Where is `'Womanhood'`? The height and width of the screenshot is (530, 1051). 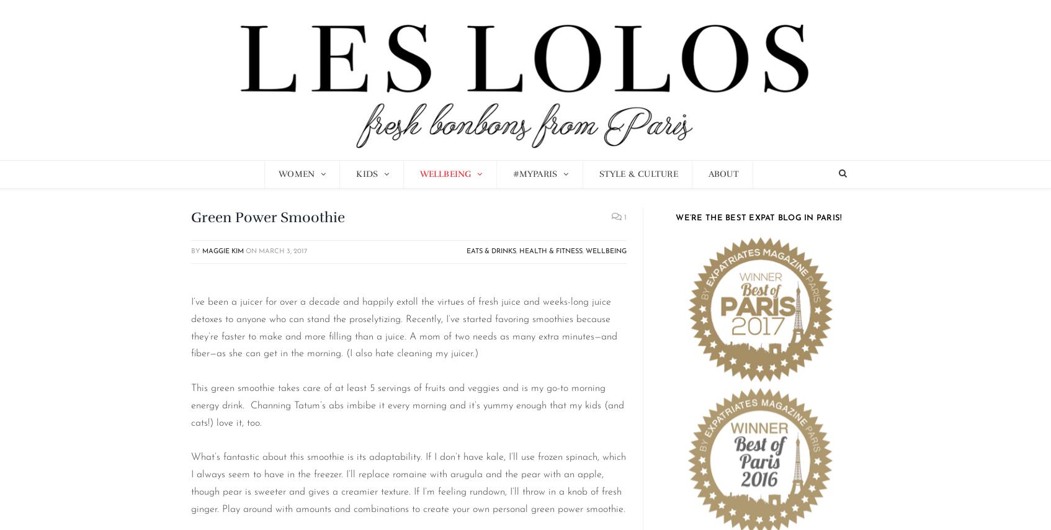
'Womanhood' is located at coordinates (307, 202).